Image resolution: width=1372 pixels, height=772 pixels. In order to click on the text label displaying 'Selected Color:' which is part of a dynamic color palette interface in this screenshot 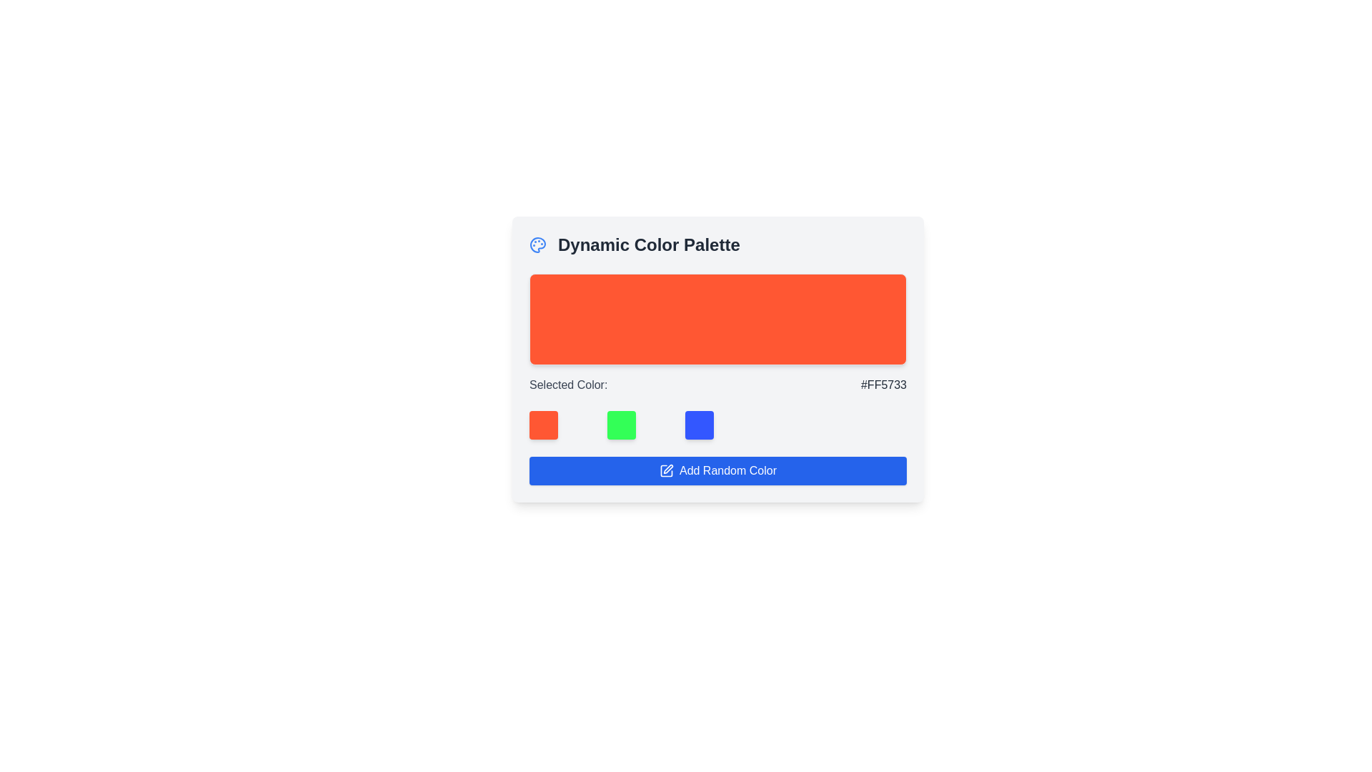, I will do `click(567, 385)`.